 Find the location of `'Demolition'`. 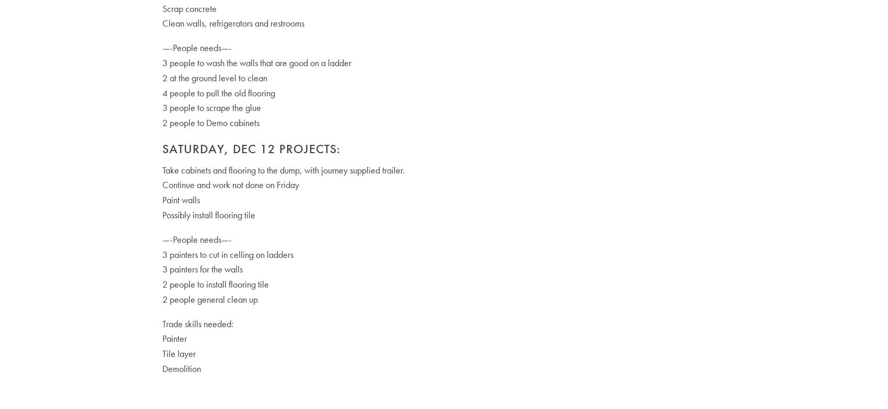

'Demolition' is located at coordinates (181, 368).